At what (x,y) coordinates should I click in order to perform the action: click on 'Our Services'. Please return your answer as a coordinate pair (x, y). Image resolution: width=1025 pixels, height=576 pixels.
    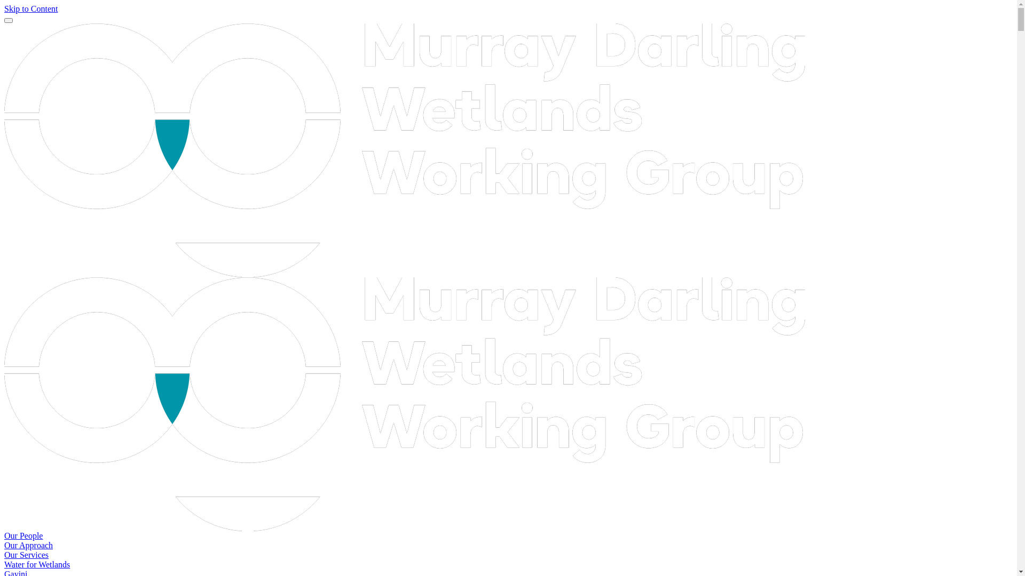
    Looking at the image, I should click on (26, 554).